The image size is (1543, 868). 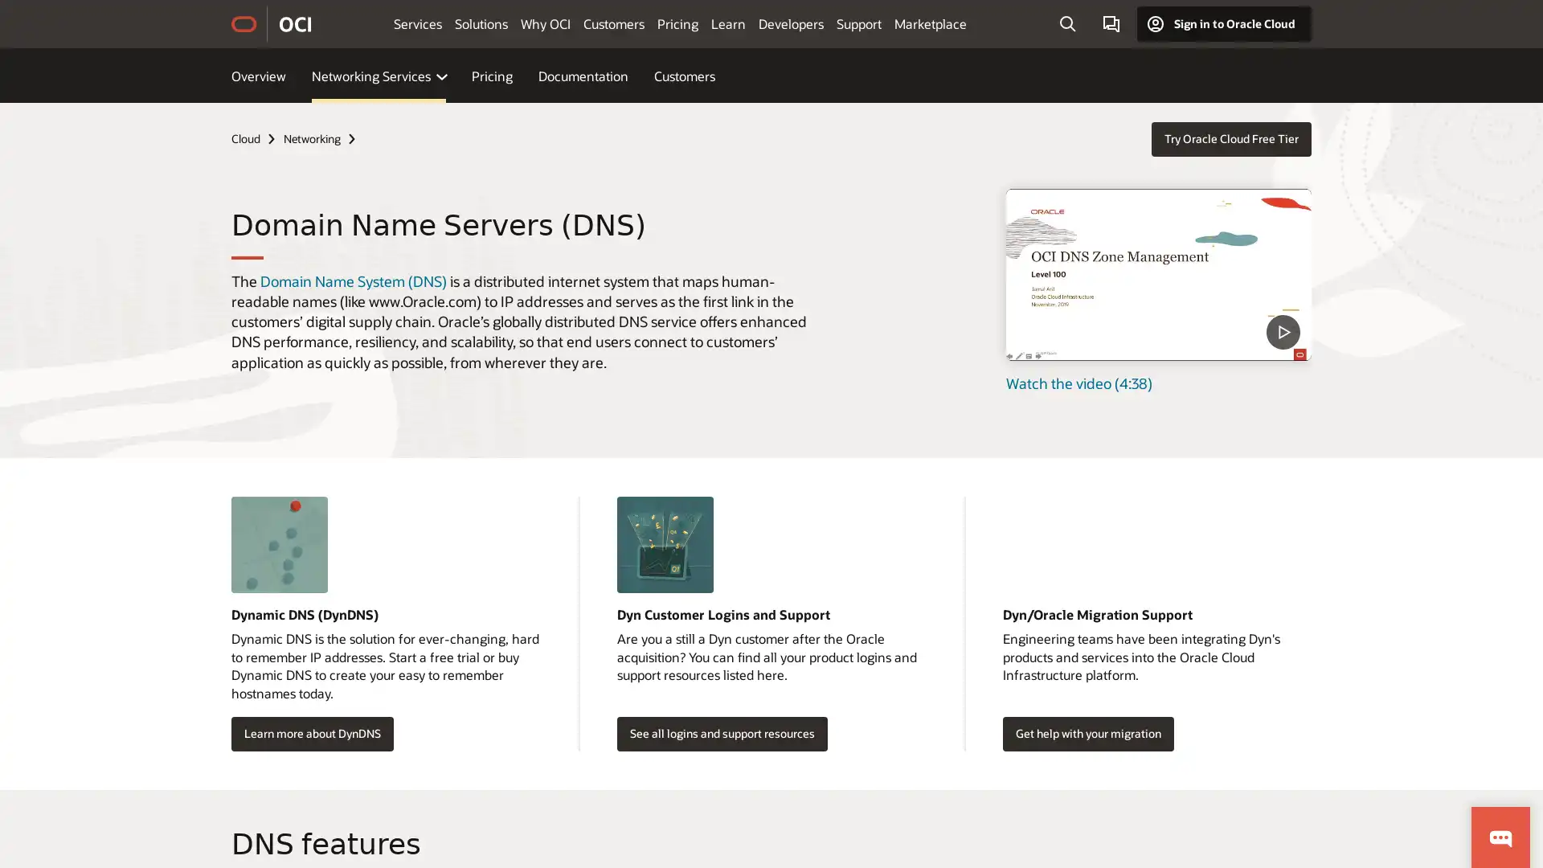 I want to click on Open Search Field, so click(x=1067, y=24).